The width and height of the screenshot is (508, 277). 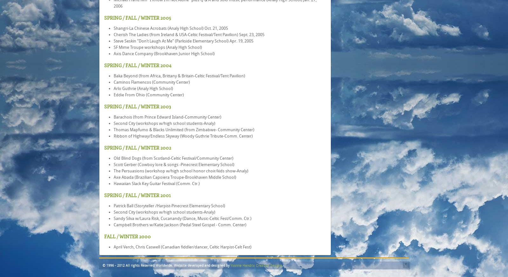 What do you see at coordinates (127, 236) in the screenshot?
I see `'Fall / winter 2000'` at bounding box center [127, 236].